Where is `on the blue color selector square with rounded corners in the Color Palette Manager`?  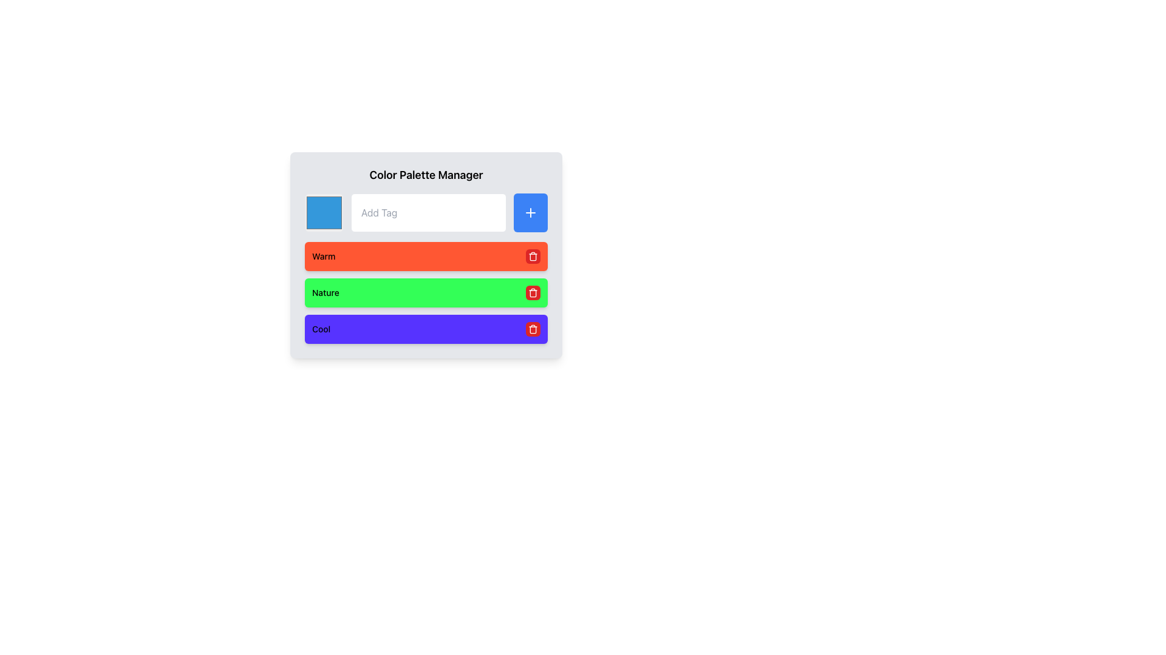 on the blue color selector square with rounded corners in the Color Palette Manager is located at coordinates (324, 212).